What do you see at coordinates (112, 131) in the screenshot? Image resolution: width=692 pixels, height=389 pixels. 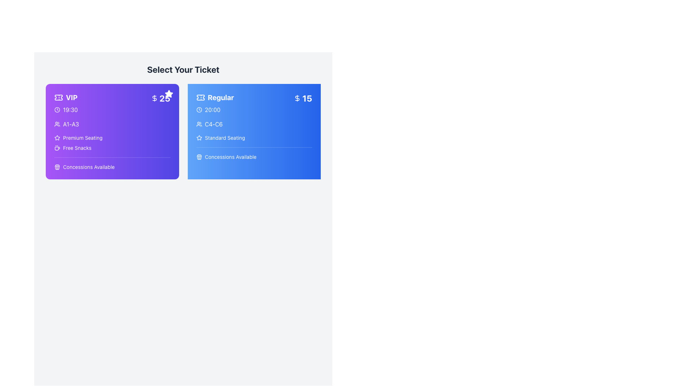 I see `the VIP ticket information card located in the top-left sector of the grid under the title 'Select Your Ticket'` at bounding box center [112, 131].